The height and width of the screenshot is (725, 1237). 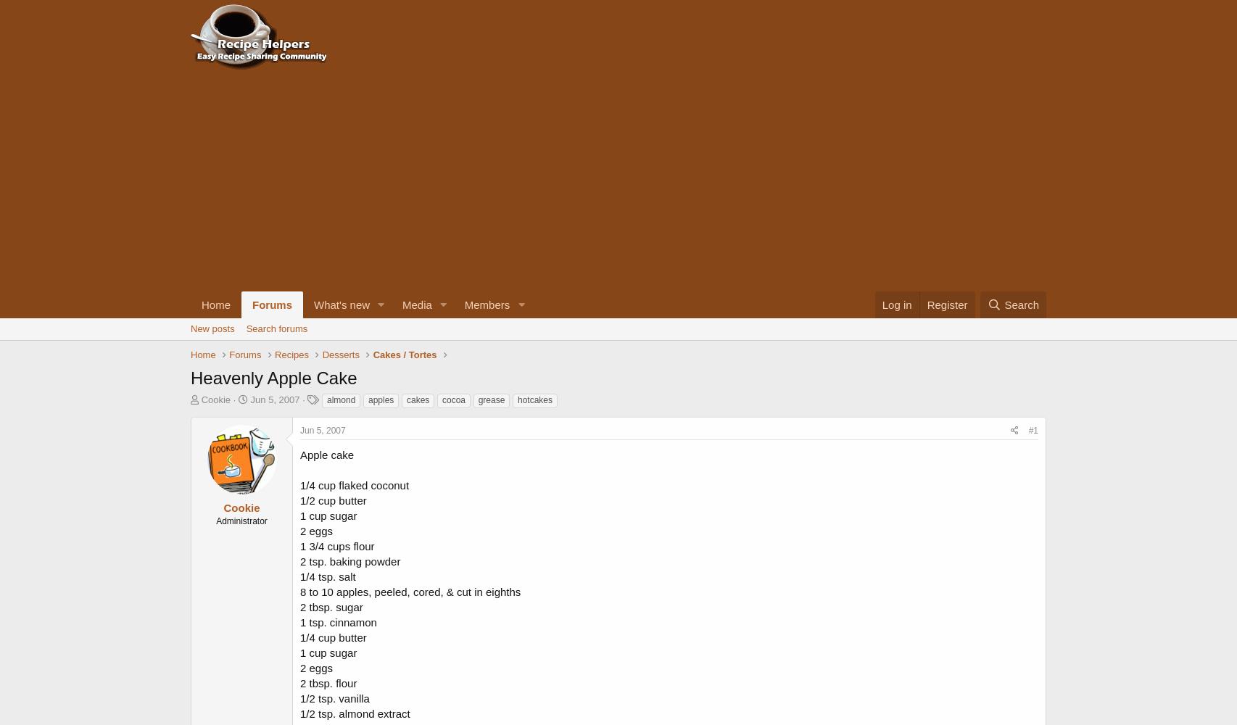 What do you see at coordinates (896, 304) in the screenshot?
I see `'Log in'` at bounding box center [896, 304].